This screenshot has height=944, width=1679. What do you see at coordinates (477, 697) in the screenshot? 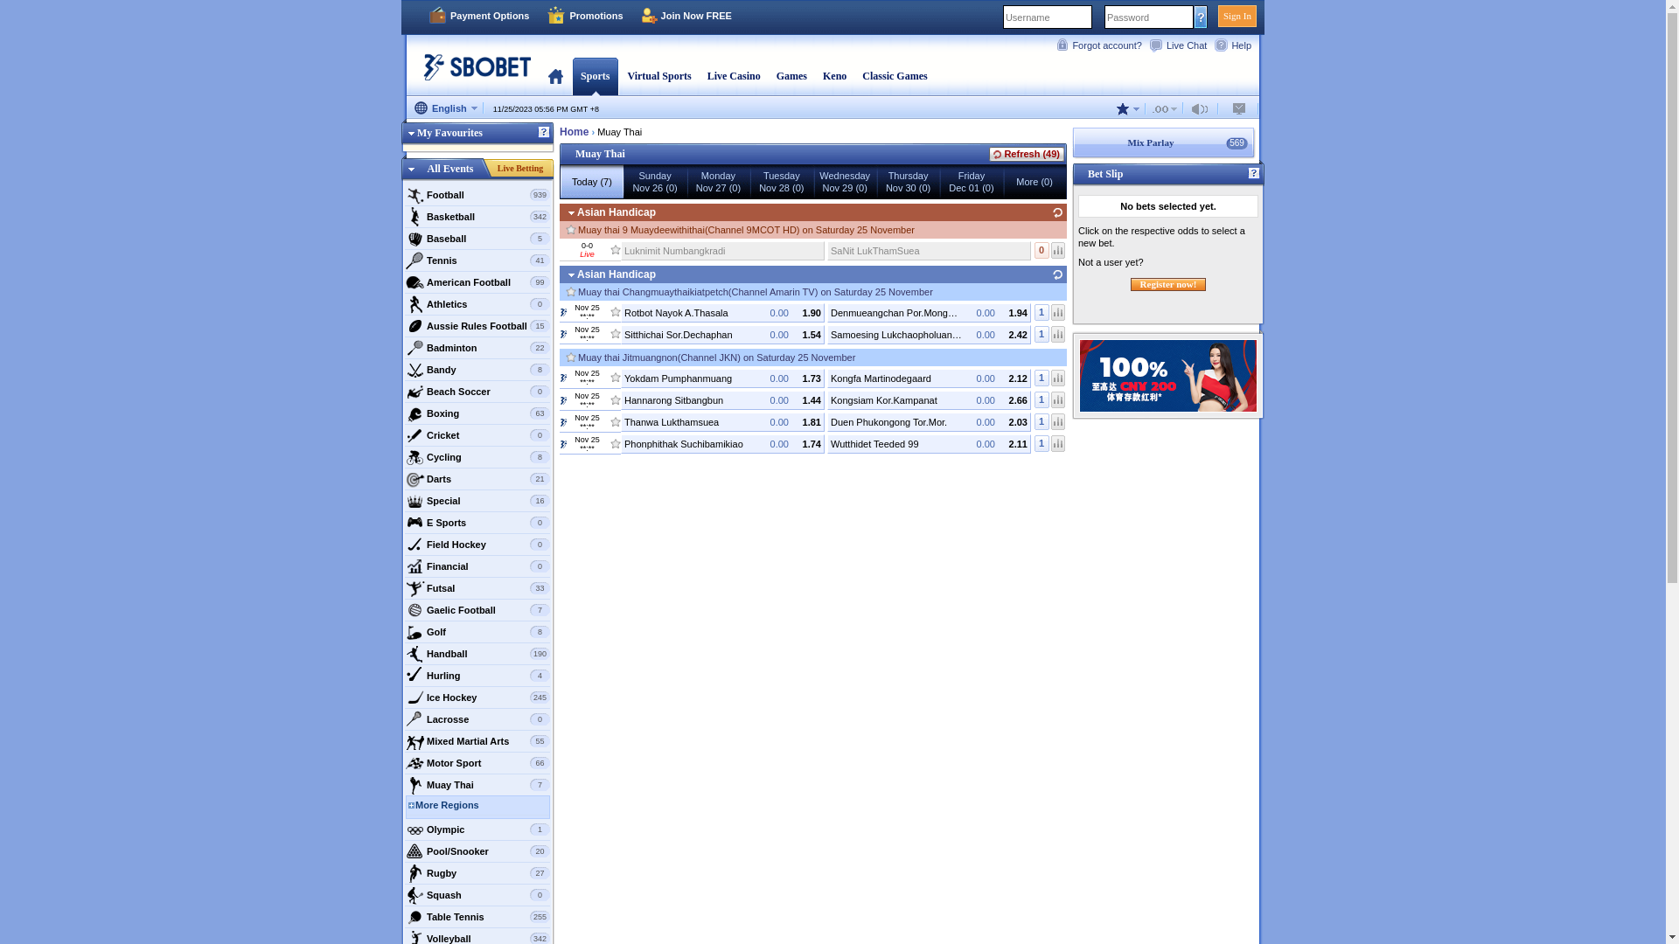
I see `'Ice Hockey` at bounding box center [477, 697].